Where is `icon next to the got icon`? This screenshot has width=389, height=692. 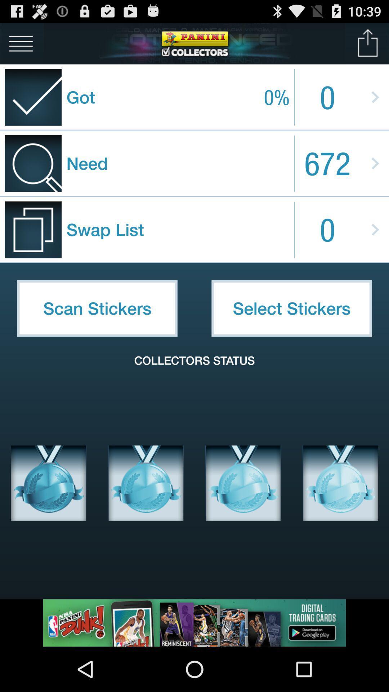 icon next to the got icon is located at coordinates (21, 43).